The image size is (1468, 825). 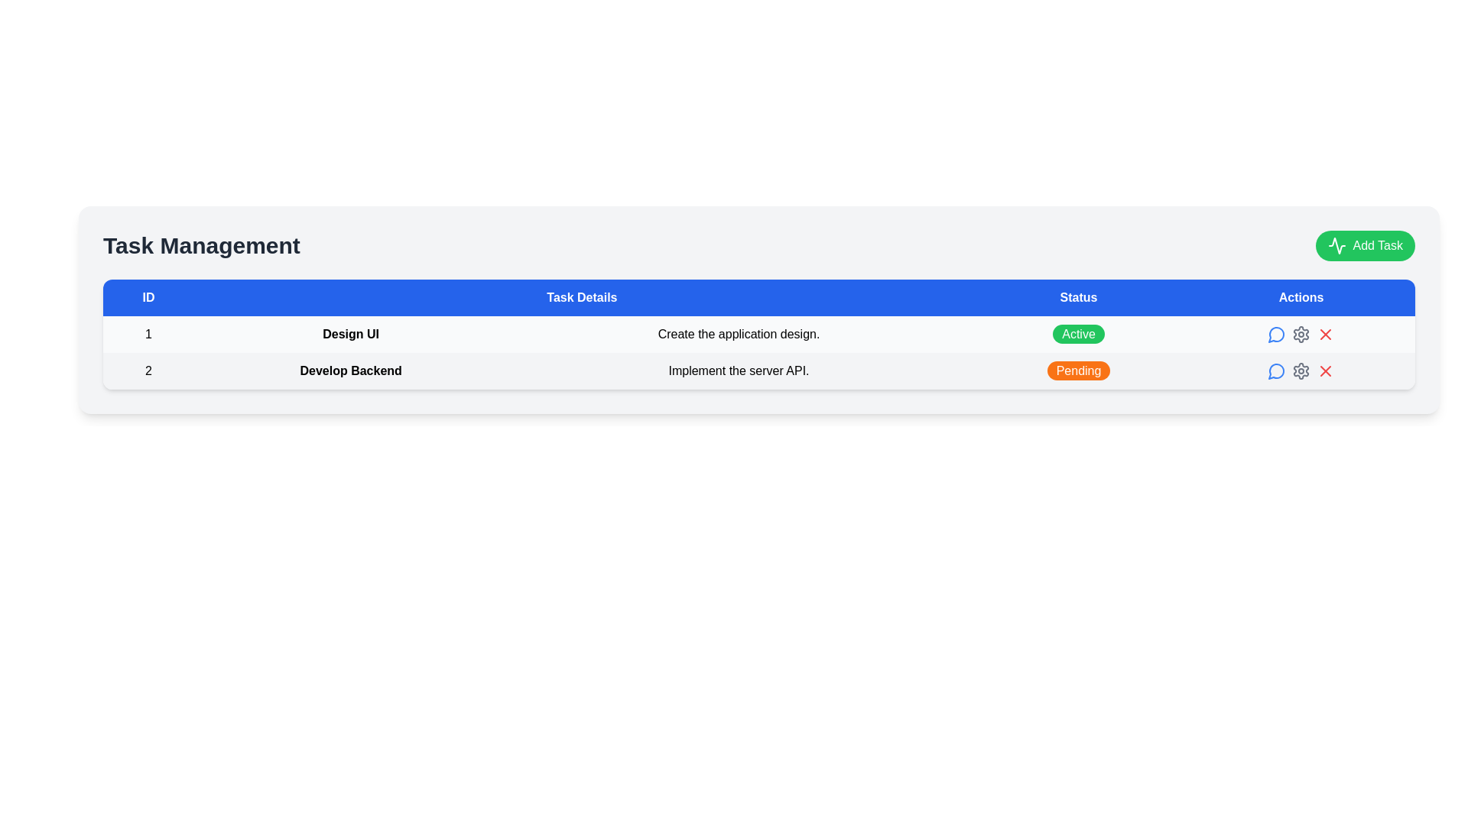 What do you see at coordinates (1301, 334) in the screenshot?
I see `the Settings icon button, which is a gear-like symbol located in the 'Actions' column of the second row in the table` at bounding box center [1301, 334].